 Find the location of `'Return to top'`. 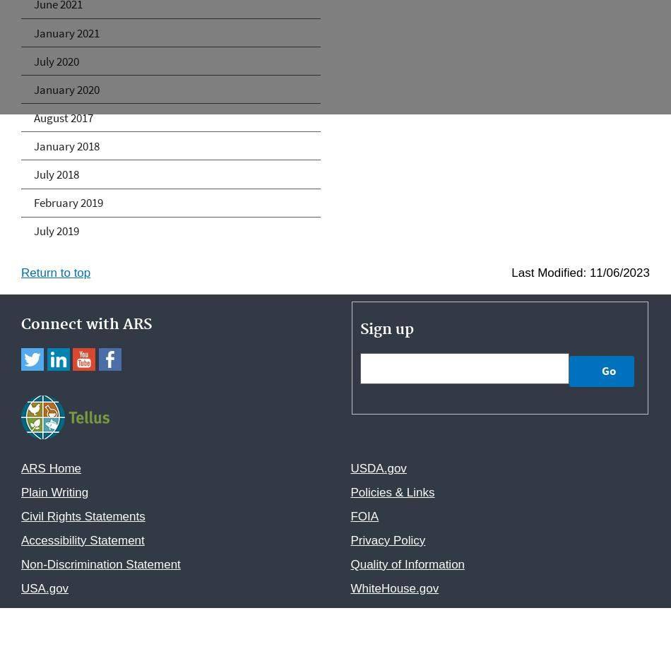

'Return to top' is located at coordinates (56, 272).